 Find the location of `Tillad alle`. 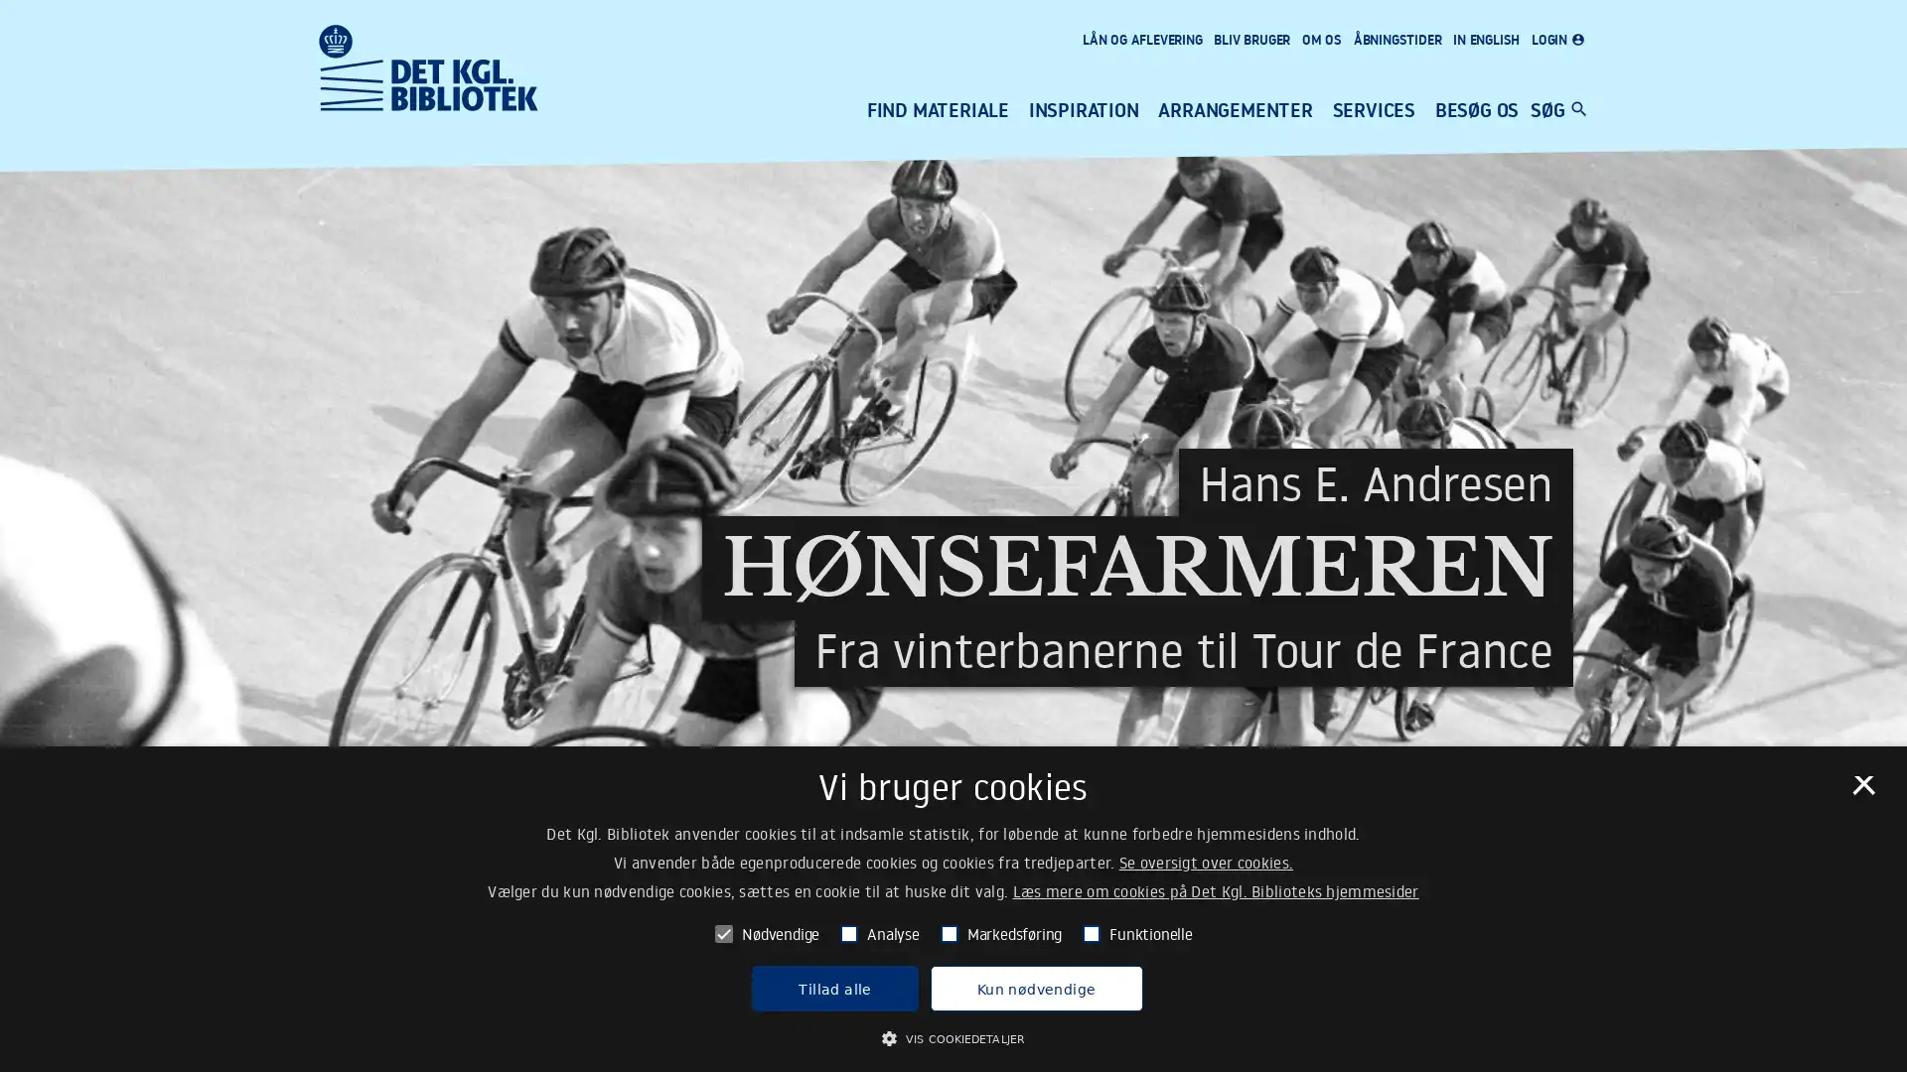

Tillad alle is located at coordinates (834, 988).